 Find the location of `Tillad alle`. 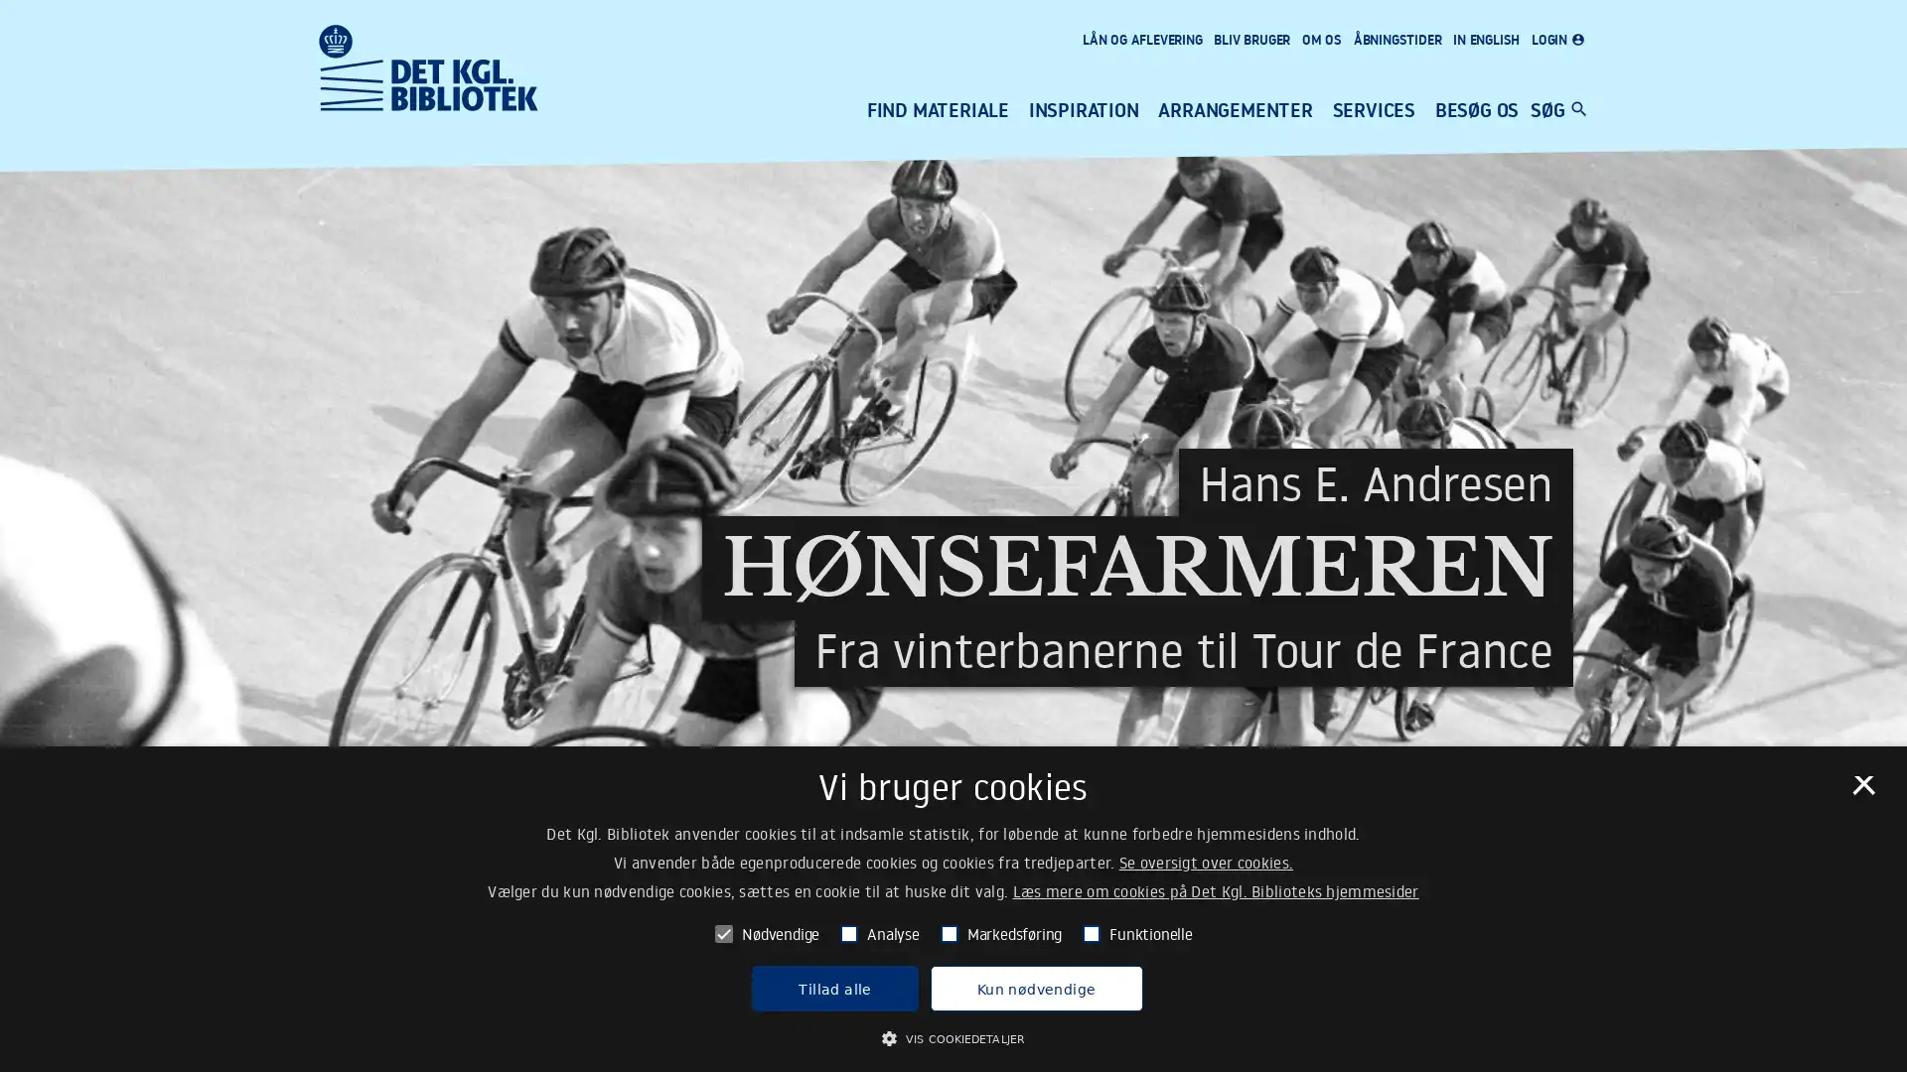

Tillad alle is located at coordinates (834, 988).